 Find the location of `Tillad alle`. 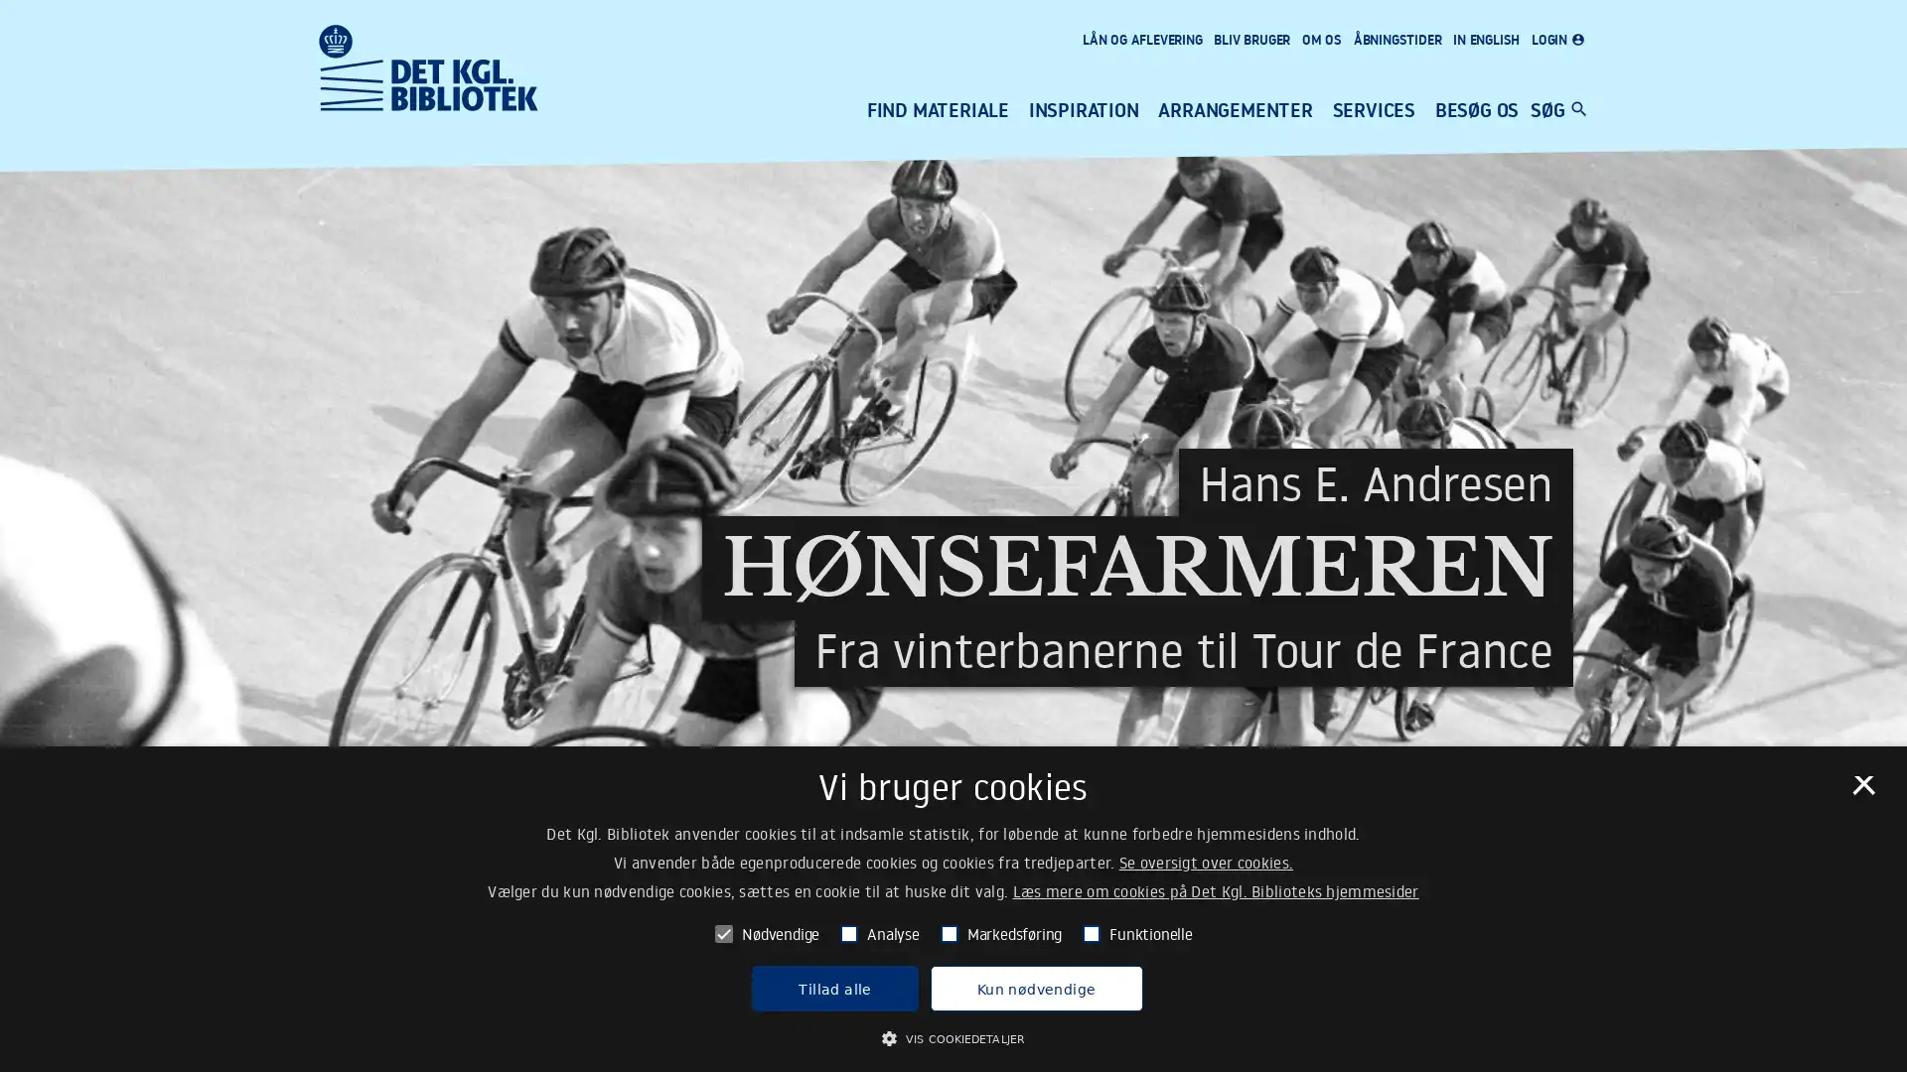

Tillad alle is located at coordinates (834, 988).